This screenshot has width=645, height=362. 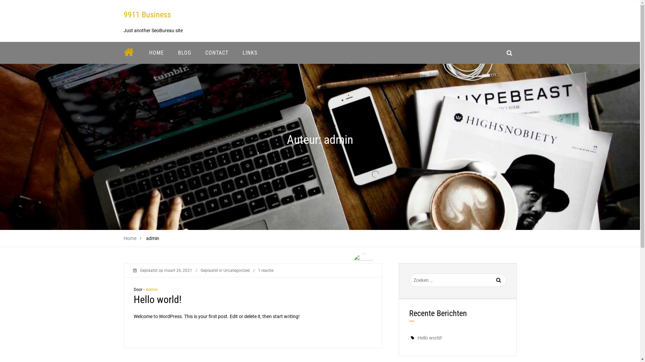 What do you see at coordinates (157, 299) in the screenshot?
I see `'Hello world!'` at bounding box center [157, 299].